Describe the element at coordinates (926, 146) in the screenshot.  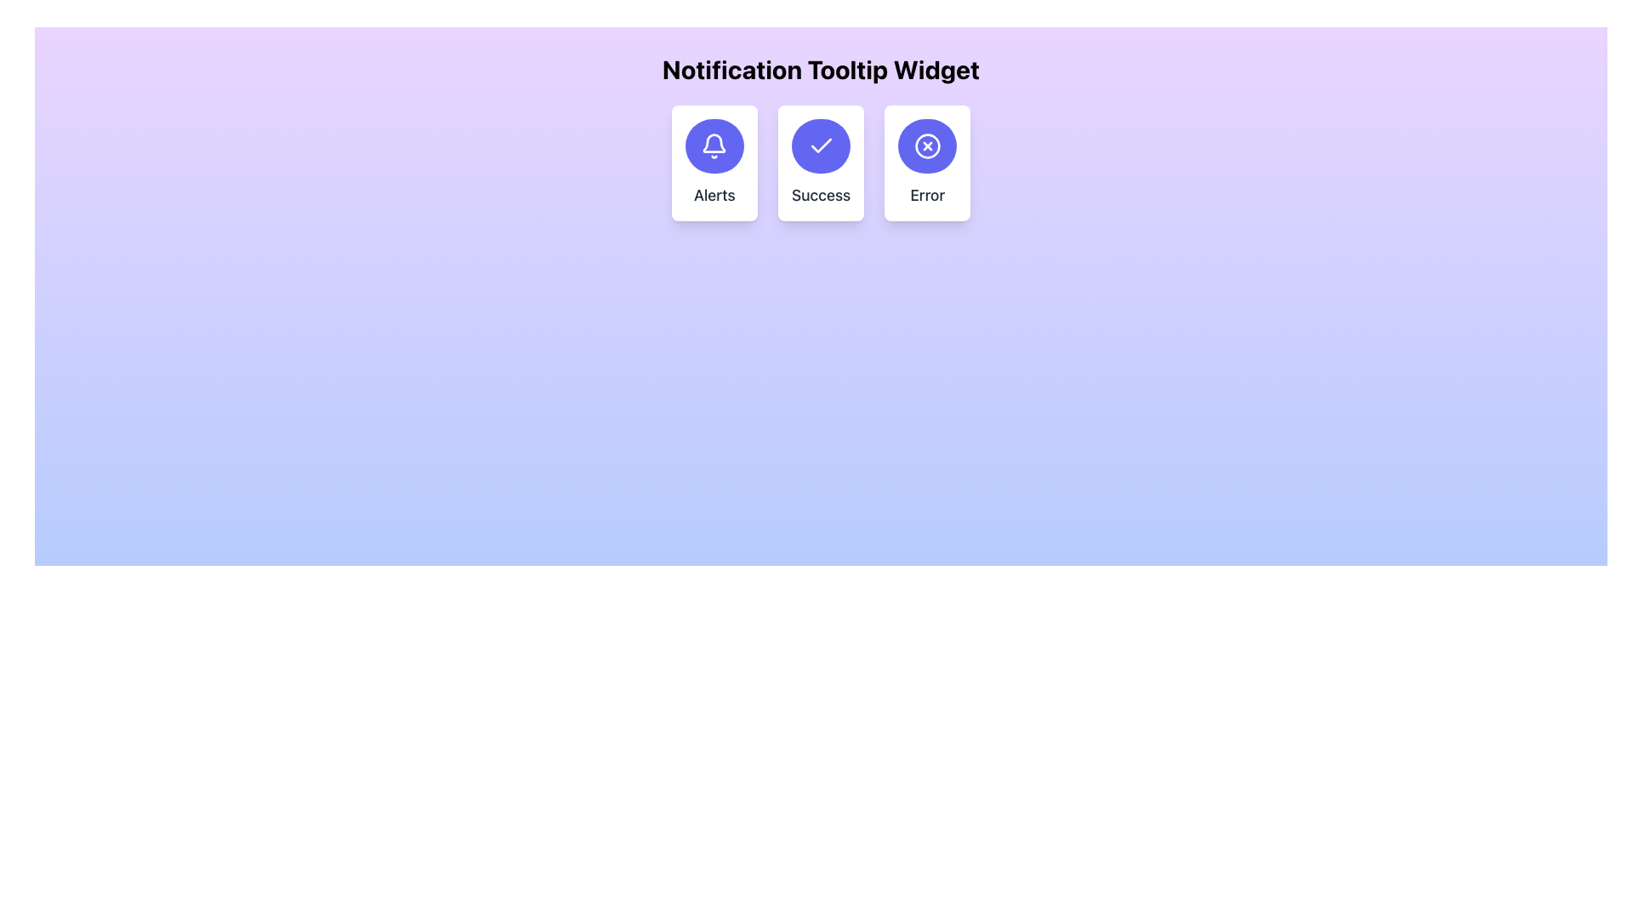
I see `circular icon button representing an 'error' state, located at the center of the rightmost card labeled 'Error'` at that location.